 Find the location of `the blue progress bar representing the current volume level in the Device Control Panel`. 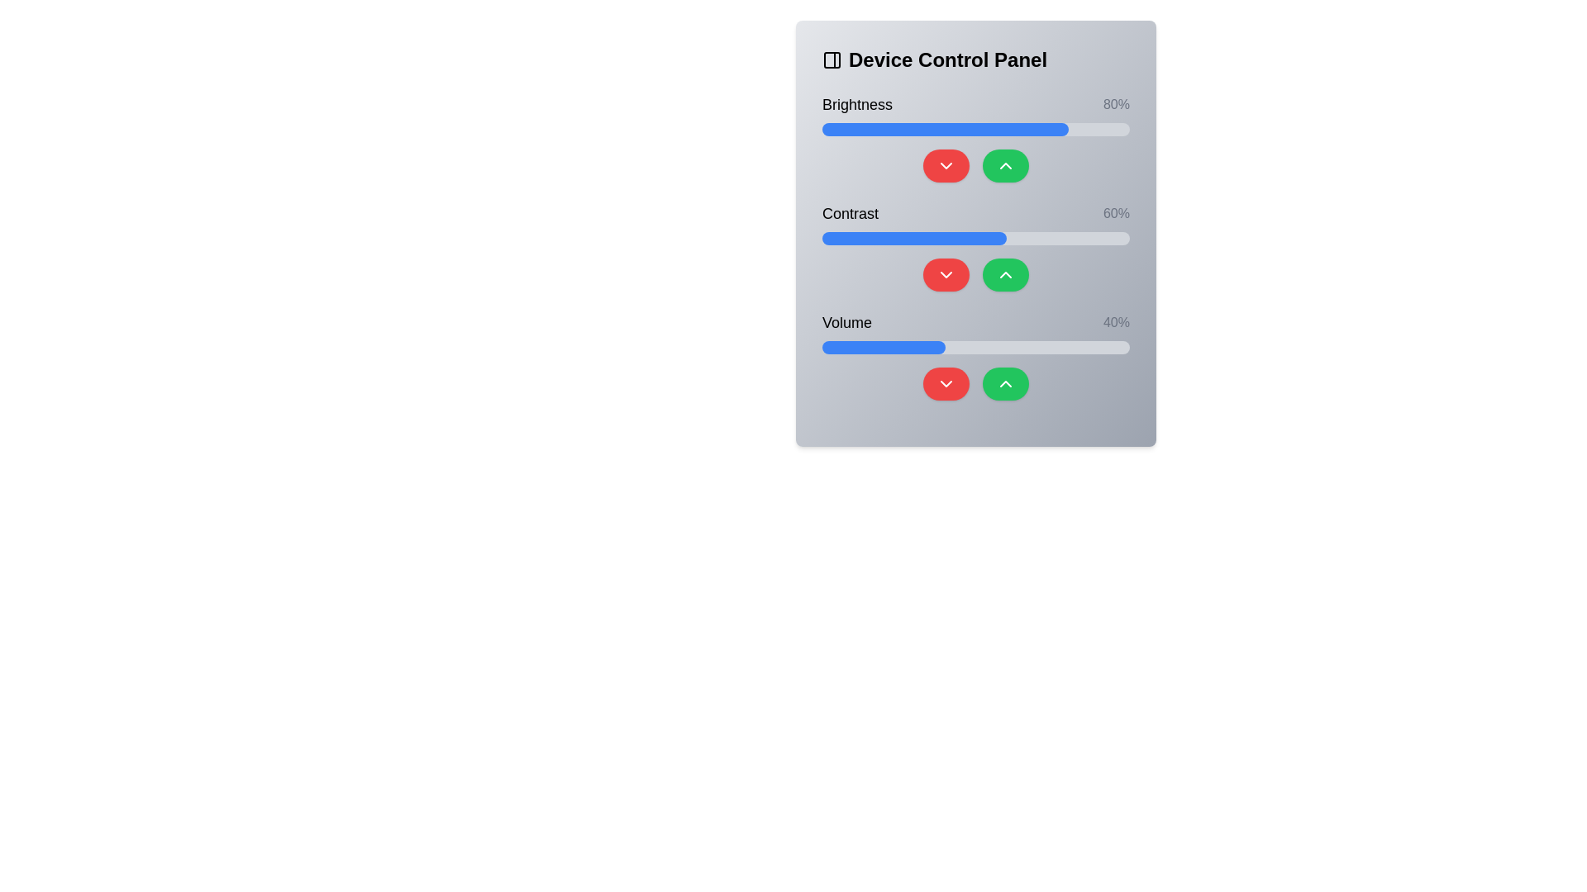

the blue progress bar representing the current volume level in the Device Control Panel is located at coordinates (883, 346).